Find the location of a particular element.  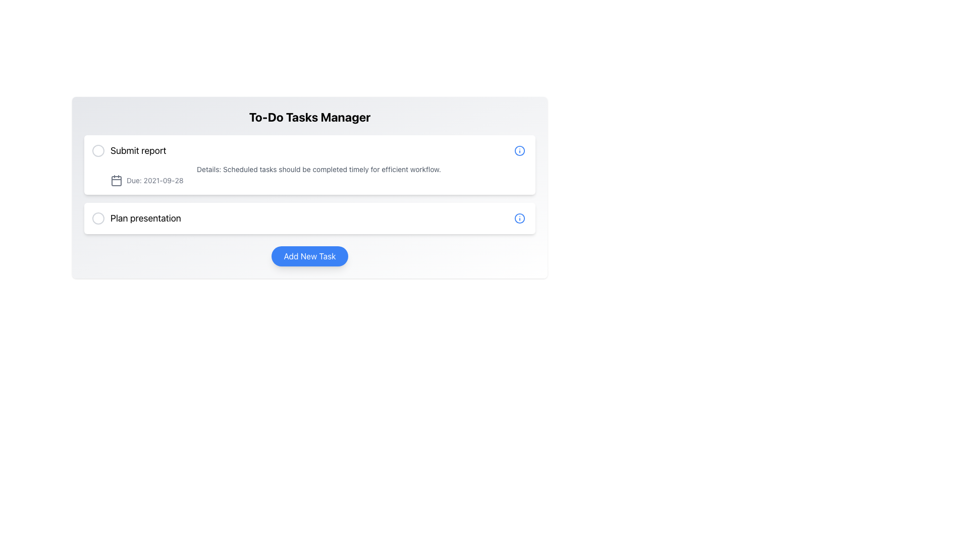

the static text header 'To-Do Tasks Manager' which is bold, larger than surrounding text, and centered in a light gray background is located at coordinates (309, 116).